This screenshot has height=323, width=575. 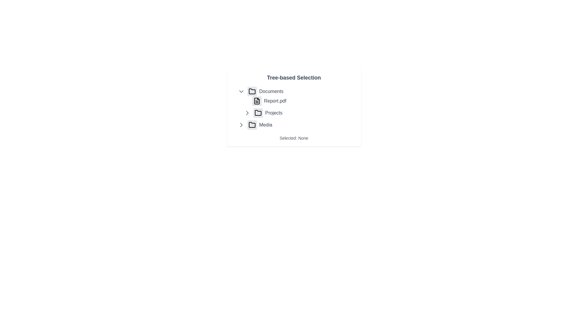 What do you see at coordinates (252, 91) in the screenshot?
I see `the folder icon representing the 'Documents' directory` at bounding box center [252, 91].